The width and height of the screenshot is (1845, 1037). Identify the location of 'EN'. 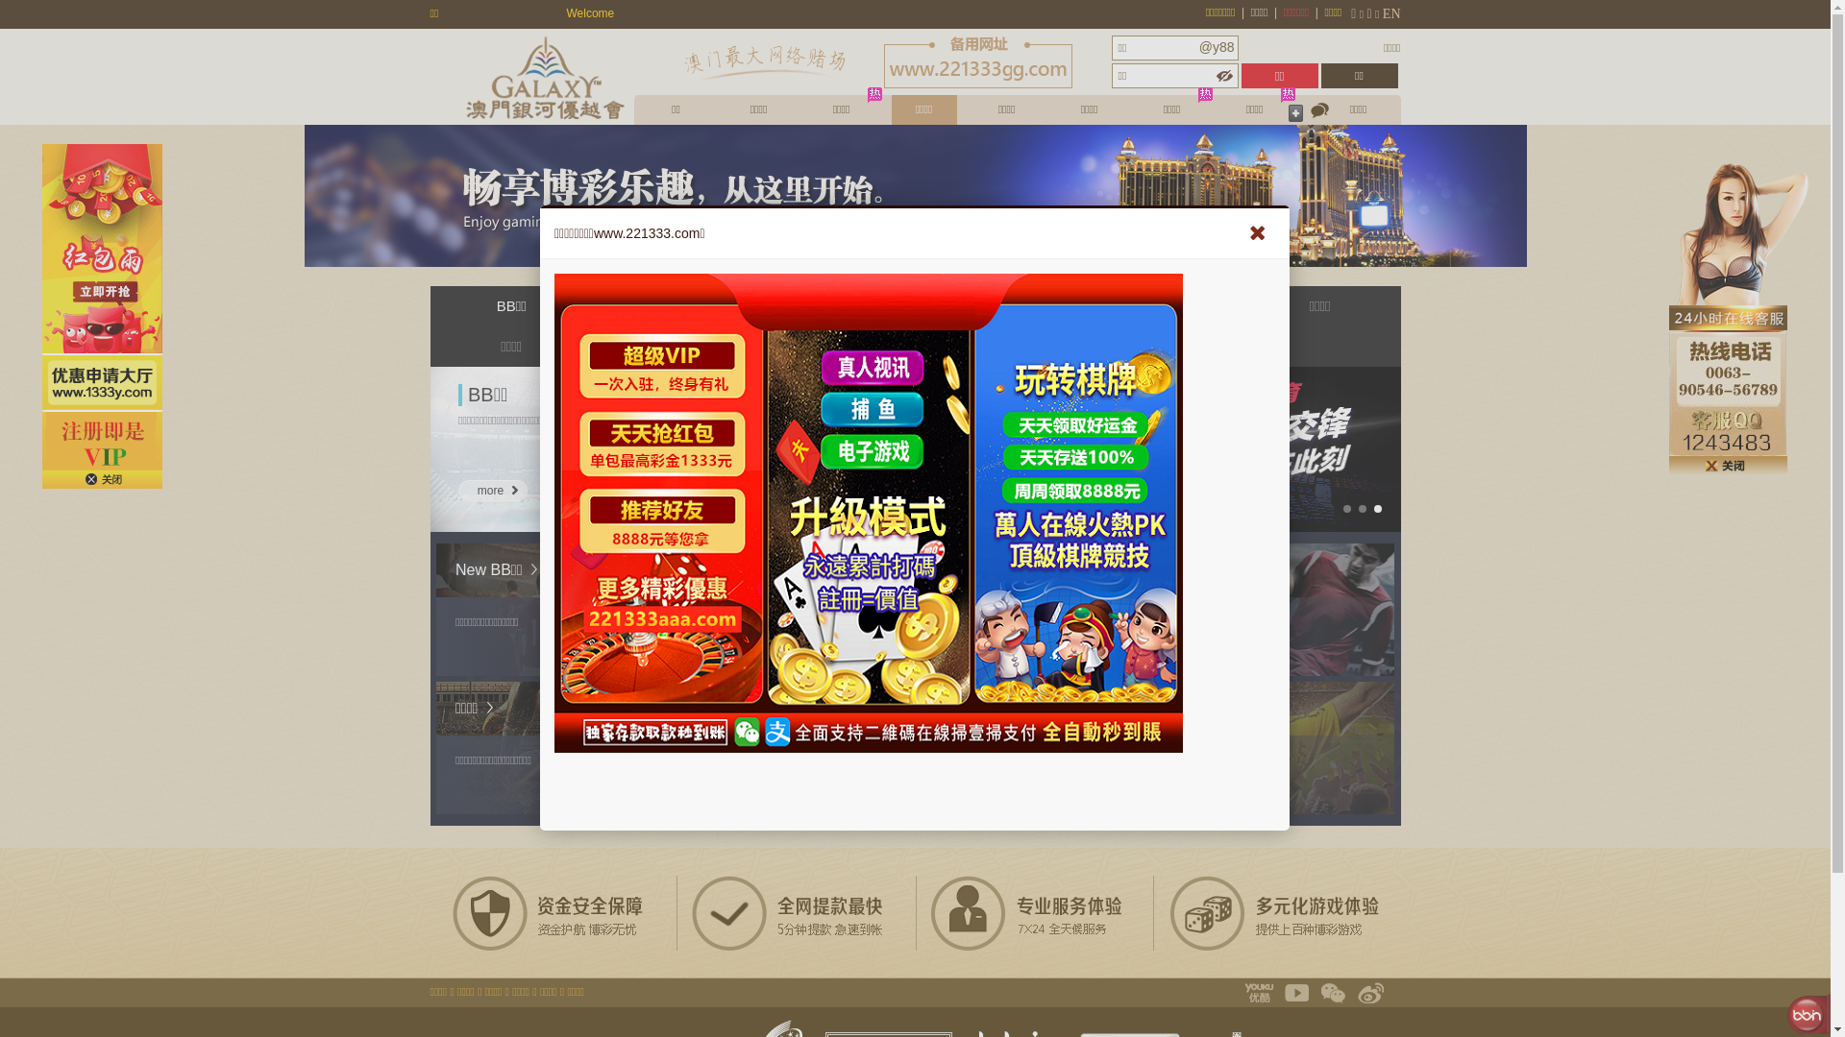
(1391, 13).